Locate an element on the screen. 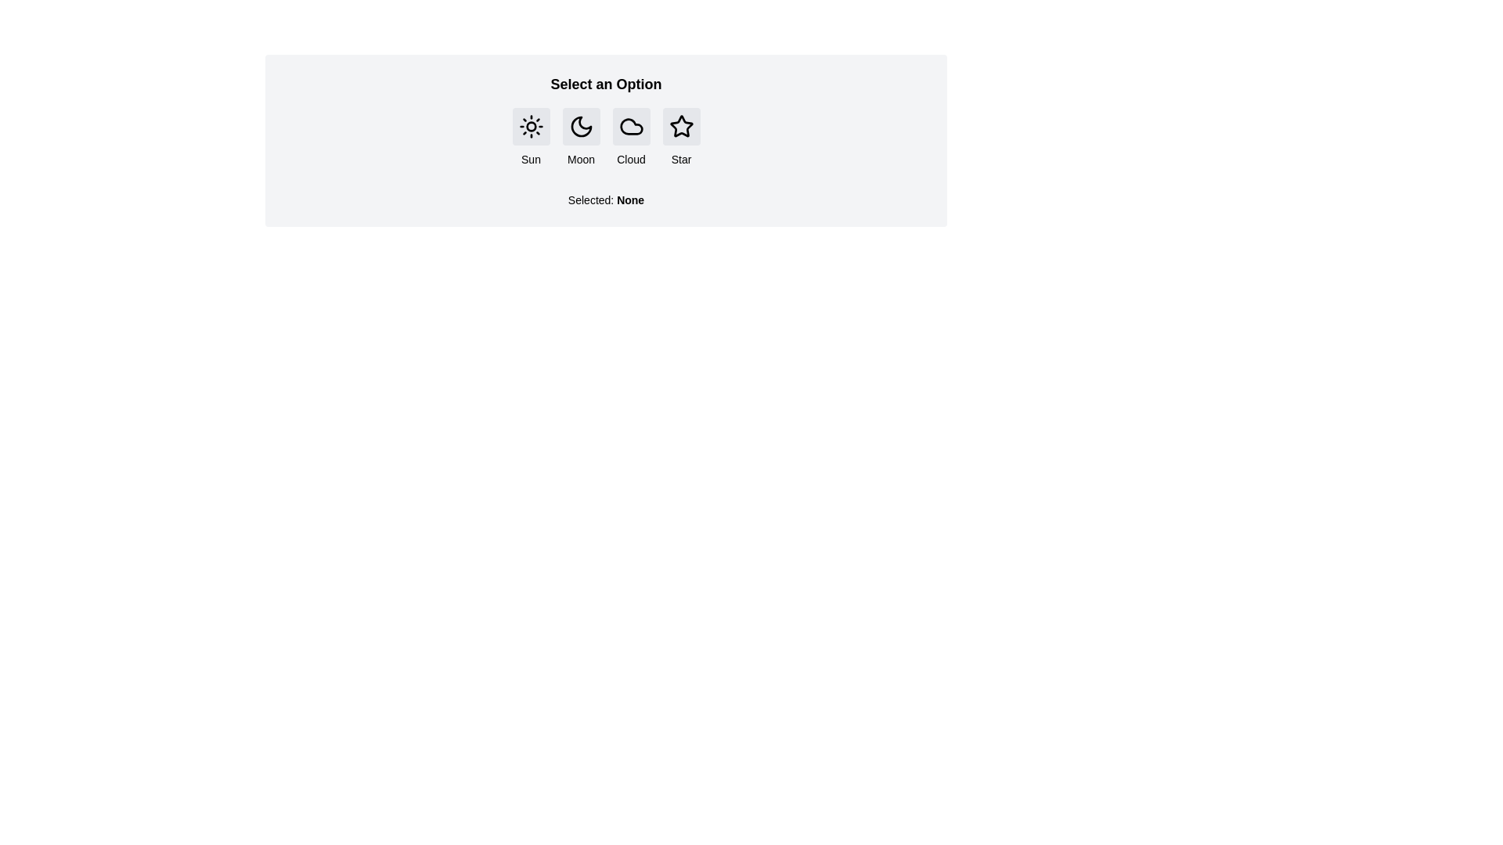 The image size is (1503, 845). the 'Cloud' icon, which is the third selectable icon in a row of four is located at coordinates (631, 126).